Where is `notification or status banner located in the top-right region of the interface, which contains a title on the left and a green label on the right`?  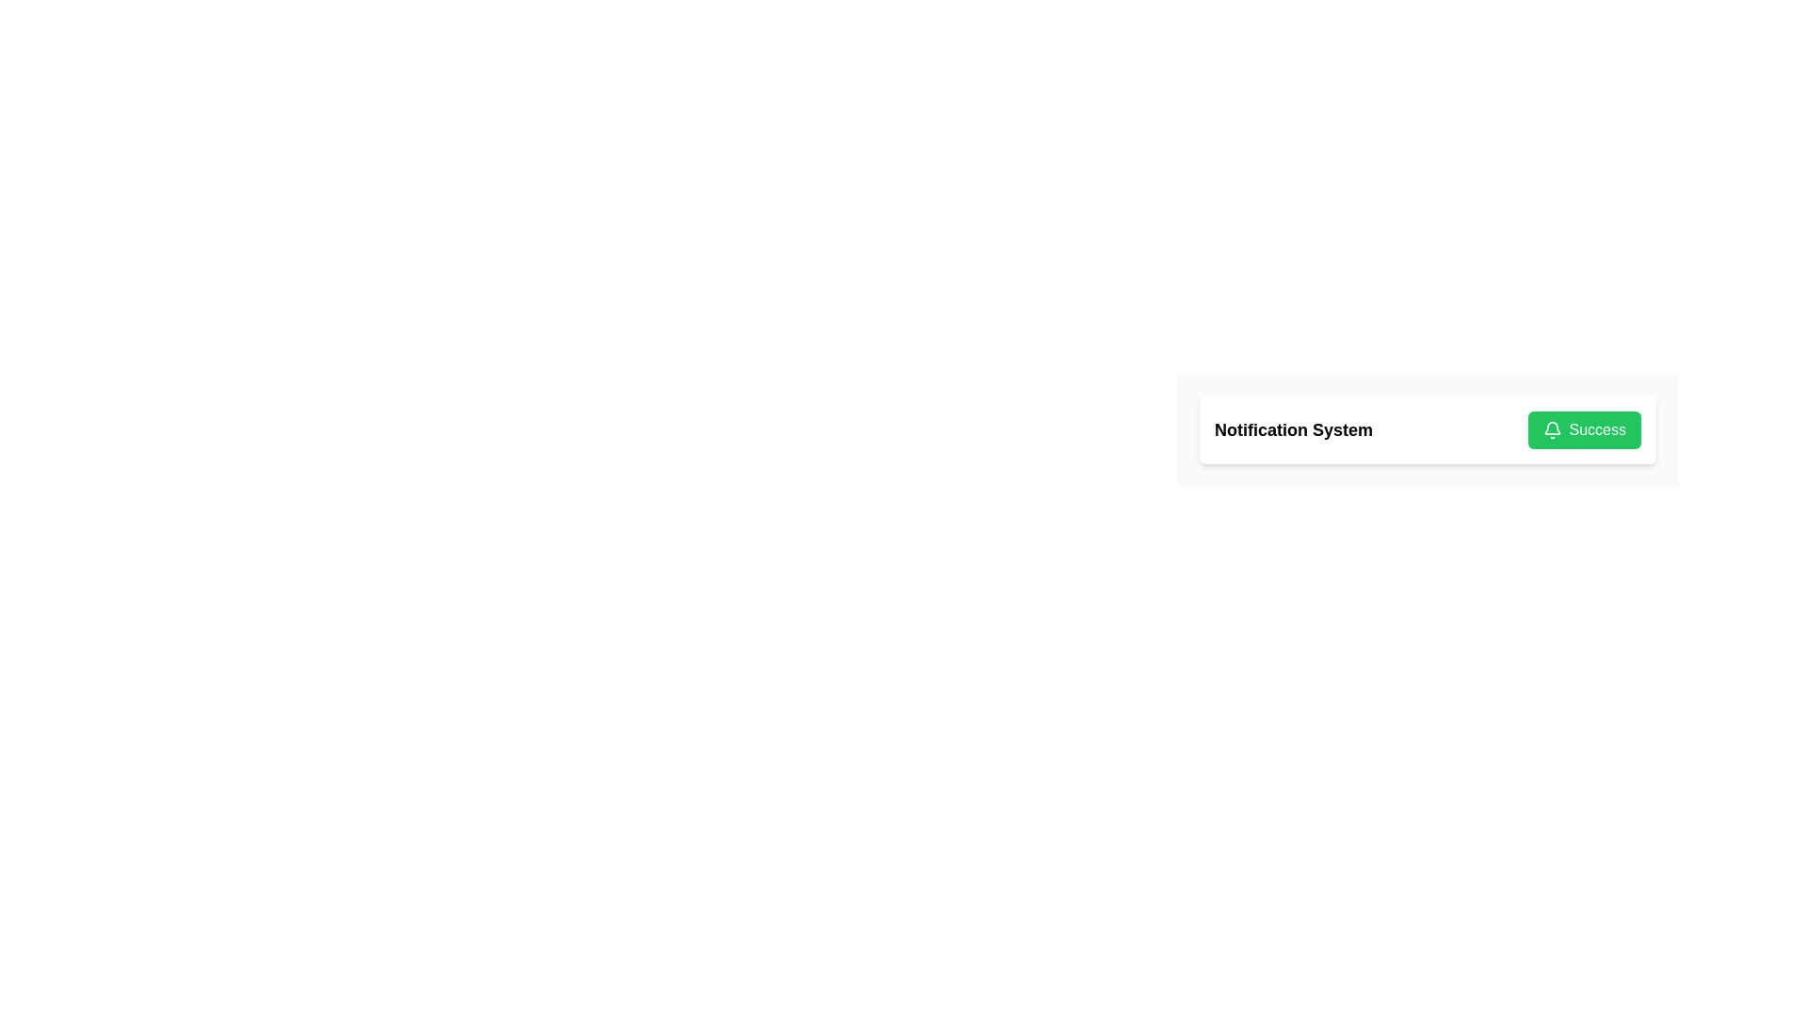
notification or status banner located in the top-right region of the interface, which contains a title on the left and a green label on the right is located at coordinates (1428, 429).